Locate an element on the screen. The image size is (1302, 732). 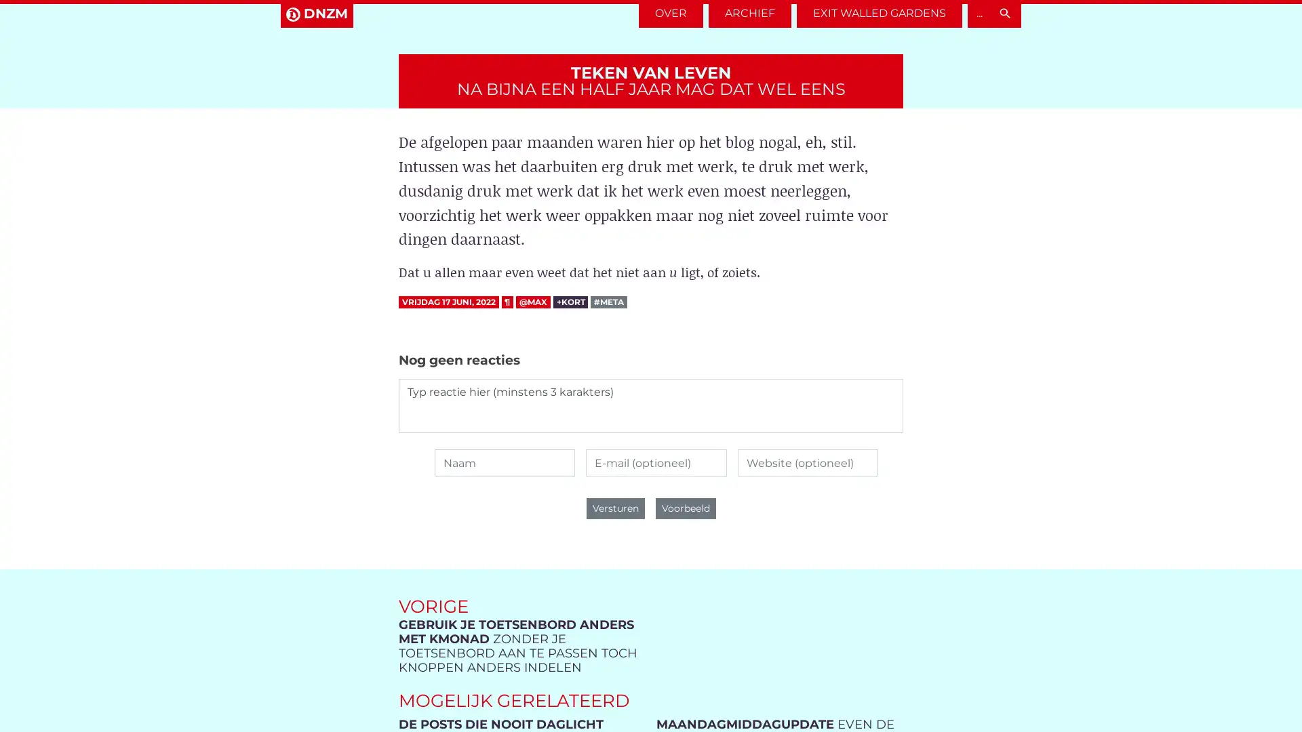
Versturen is located at coordinates (614, 508).